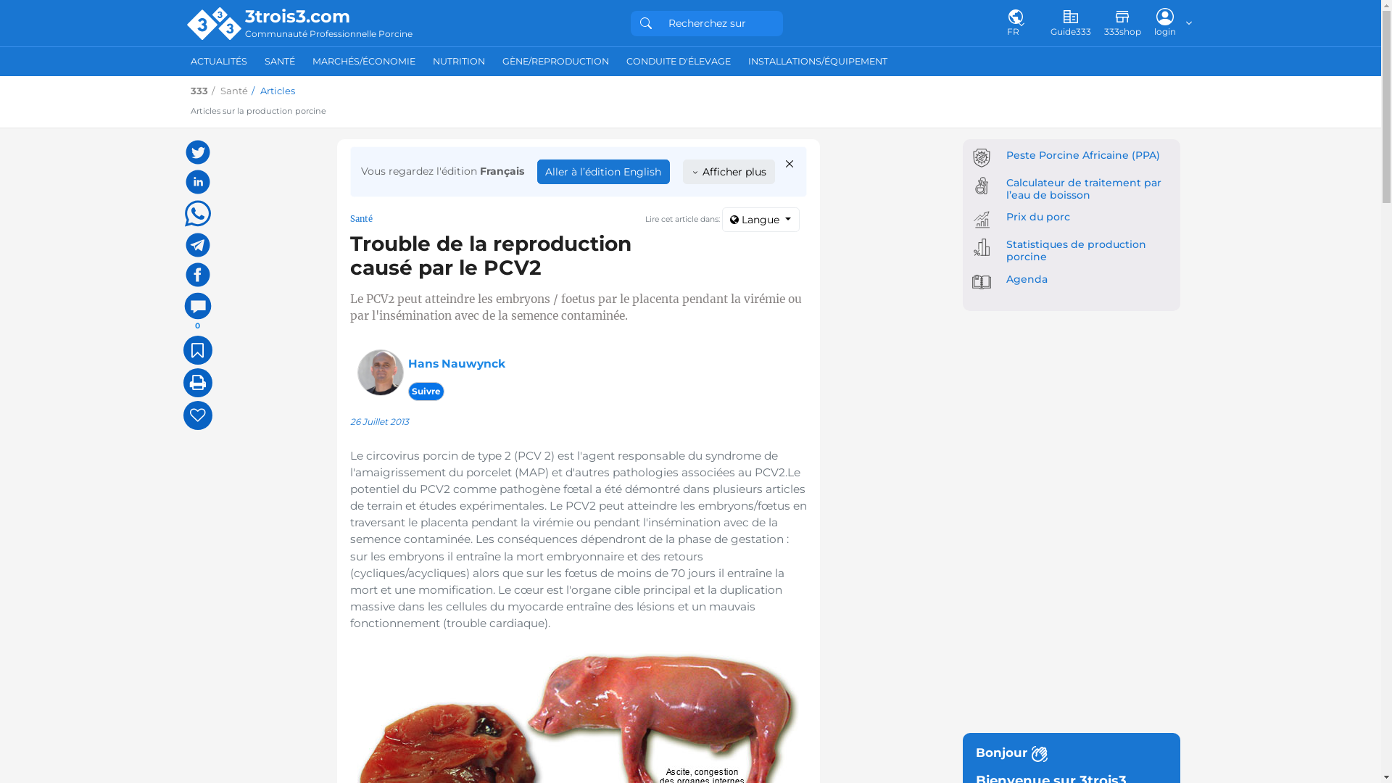 The height and width of the screenshot is (783, 1392). What do you see at coordinates (1165, 22) in the screenshot?
I see `'login'` at bounding box center [1165, 22].